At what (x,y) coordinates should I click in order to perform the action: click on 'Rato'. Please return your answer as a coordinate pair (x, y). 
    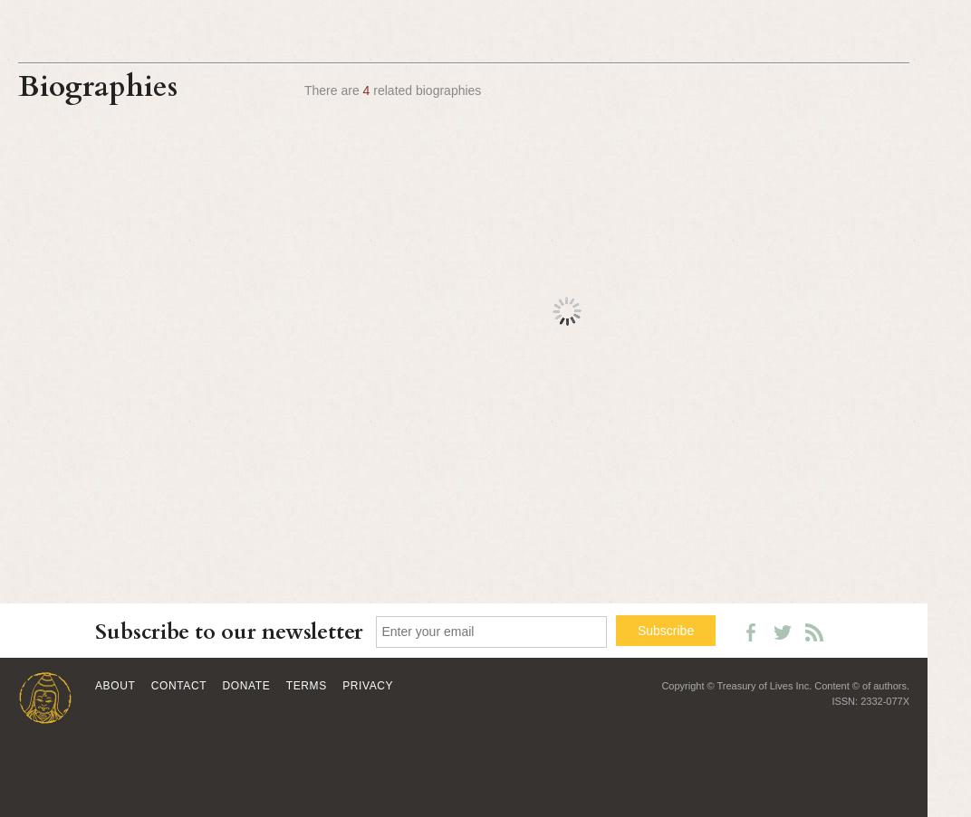
    Looking at the image, I should click on (722, 651).